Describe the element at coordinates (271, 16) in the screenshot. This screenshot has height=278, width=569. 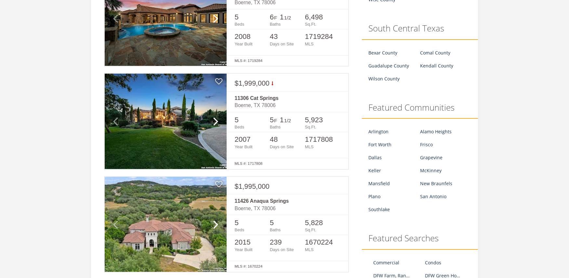
I see `'6'` at that location.